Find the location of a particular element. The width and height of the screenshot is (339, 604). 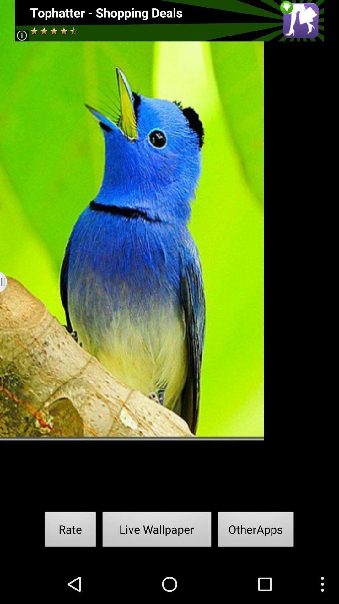

the menu icon is located at coordinates (7, 301).